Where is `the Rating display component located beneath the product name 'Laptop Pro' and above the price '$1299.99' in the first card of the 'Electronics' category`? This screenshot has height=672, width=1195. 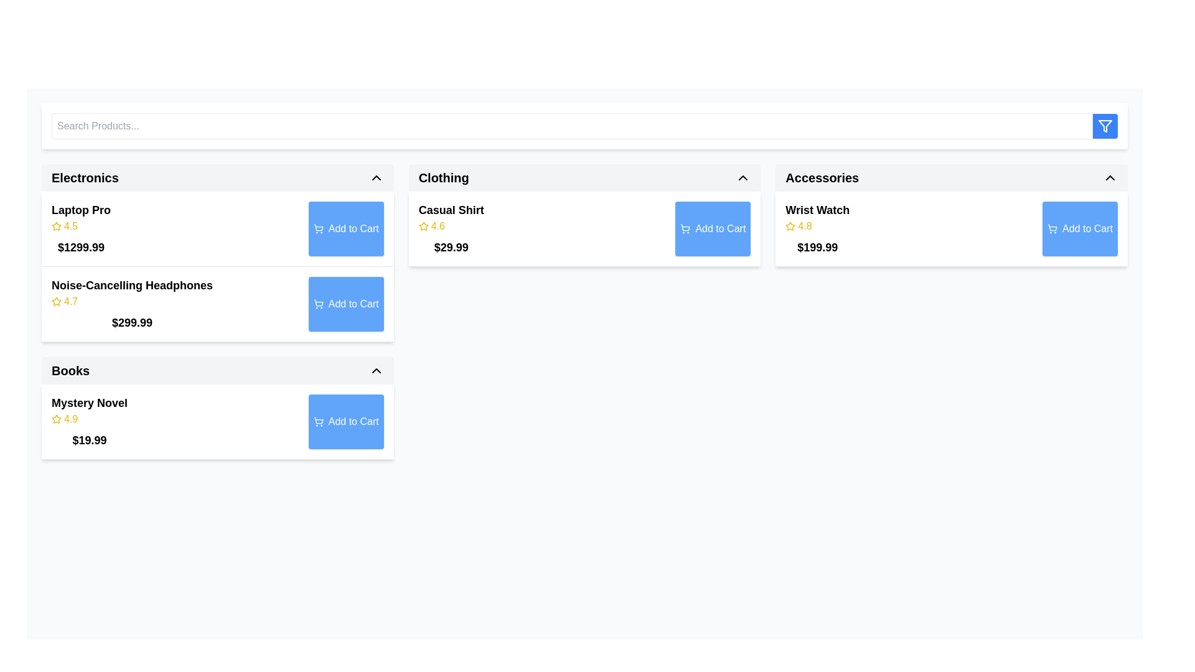 the Rating display component located beneath the product name 'Laptop Pro' and above the price '$1299.99' in the first card of the 'Electronics' category is located at coordinates (80, 226).